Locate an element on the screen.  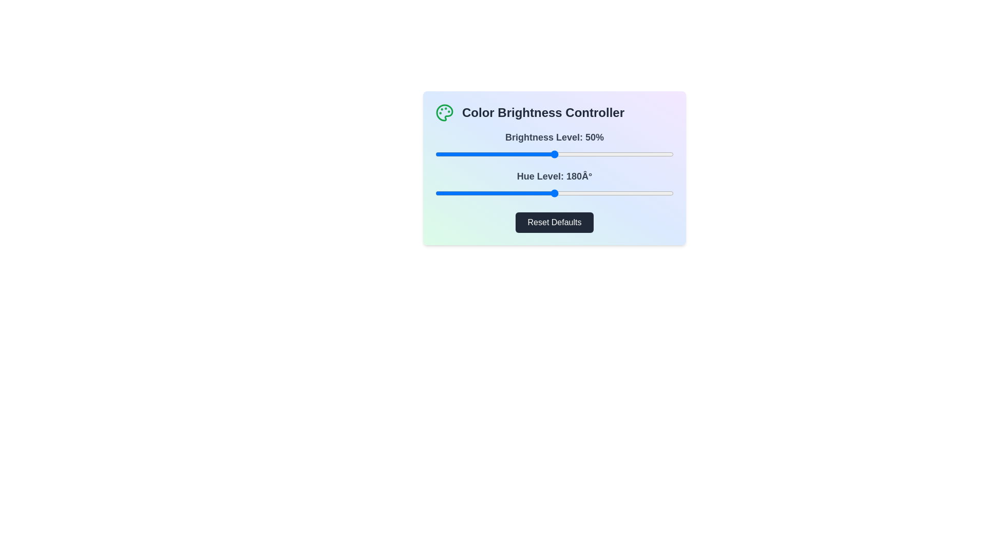
the brightness slider to 10% is located at coordinates (459, 154).